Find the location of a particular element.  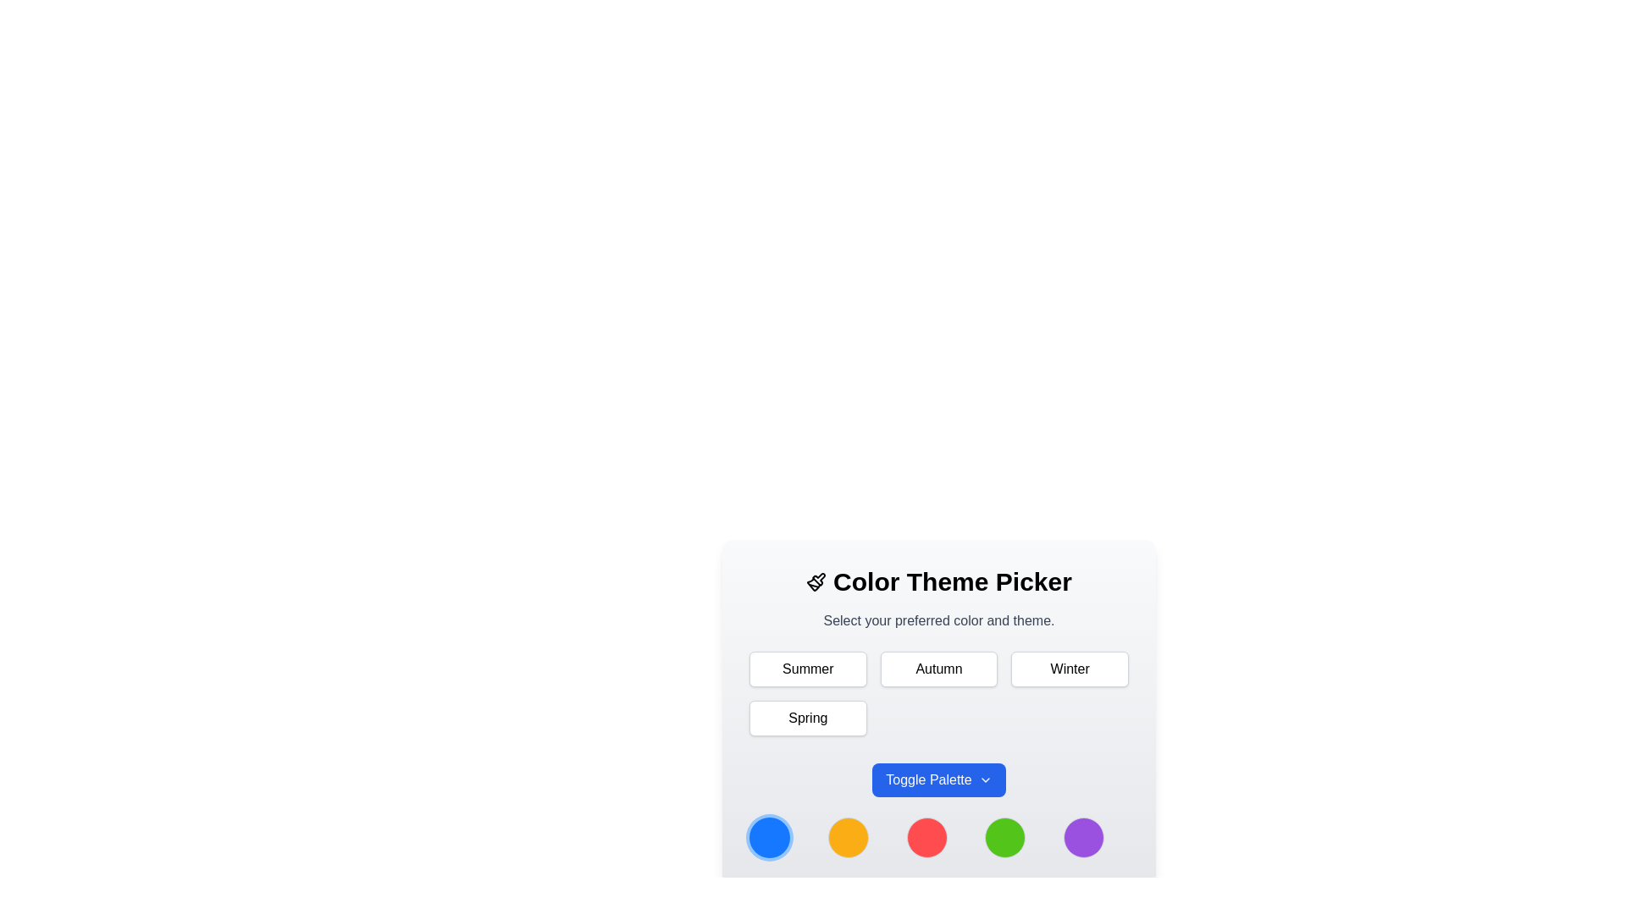

the blue 'Toggle Palette' button with white text and rounded edges is located at coordinates (937, 779).